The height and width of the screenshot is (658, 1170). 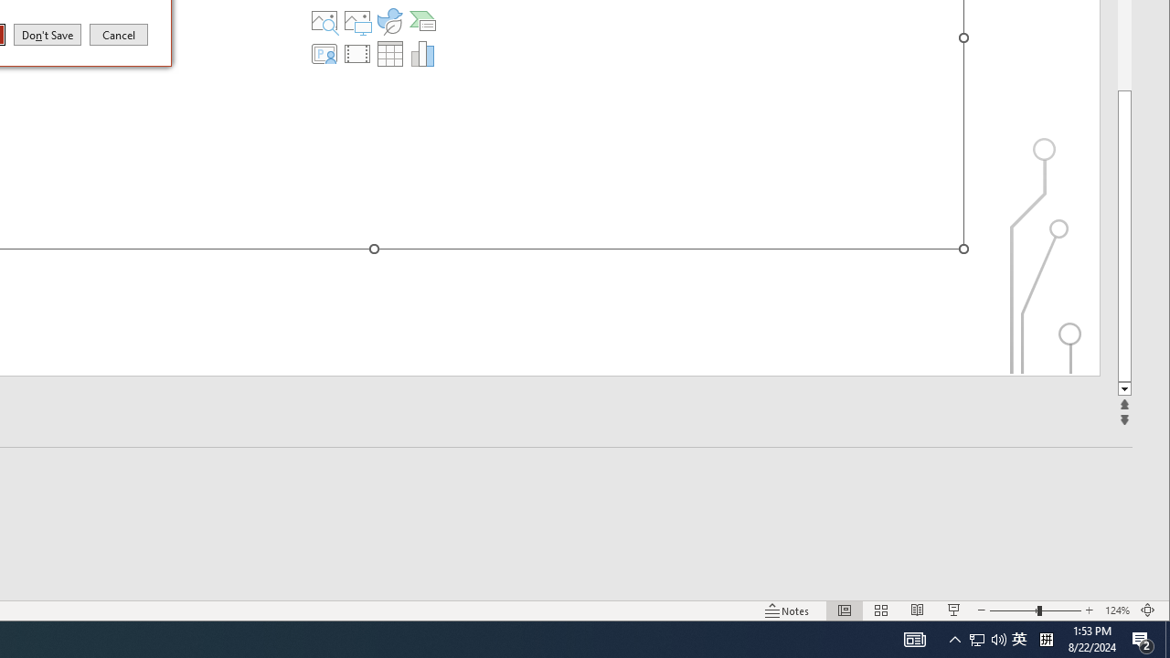 I want to click on 'AutomationID: 4105', so click(x=914, y=638).